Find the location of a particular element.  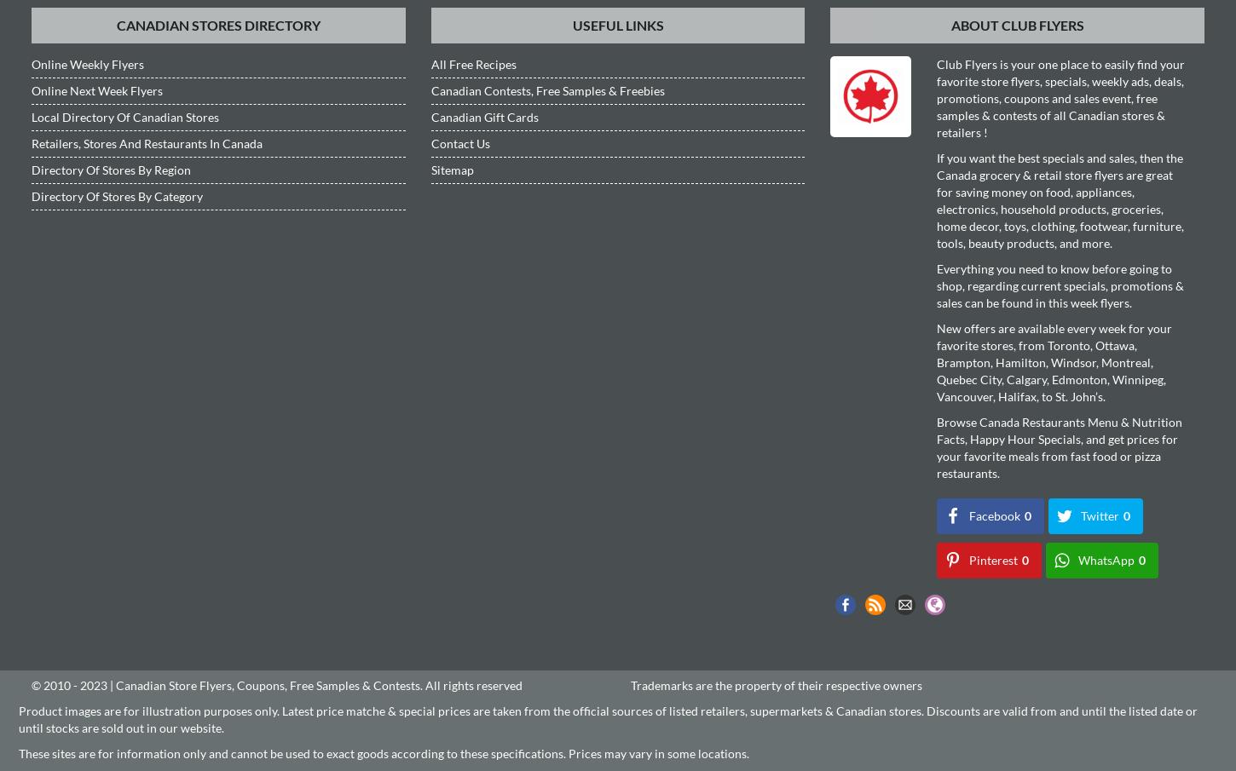

'Useful Links' is located at coordinates (571, 24).